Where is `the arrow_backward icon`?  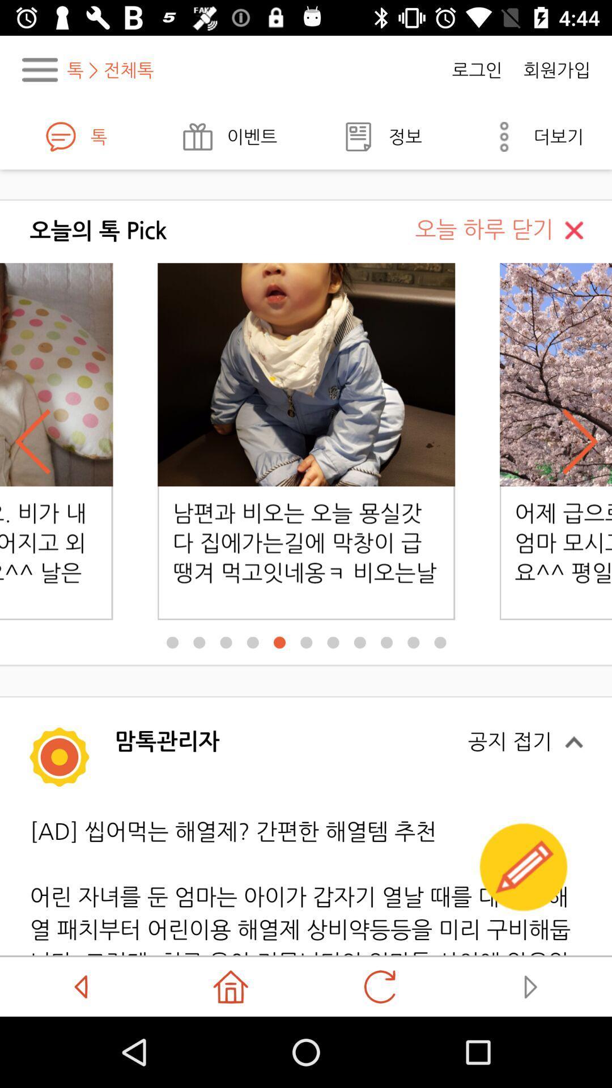 the arrow_backward icon is located at coordinates (80, 986).